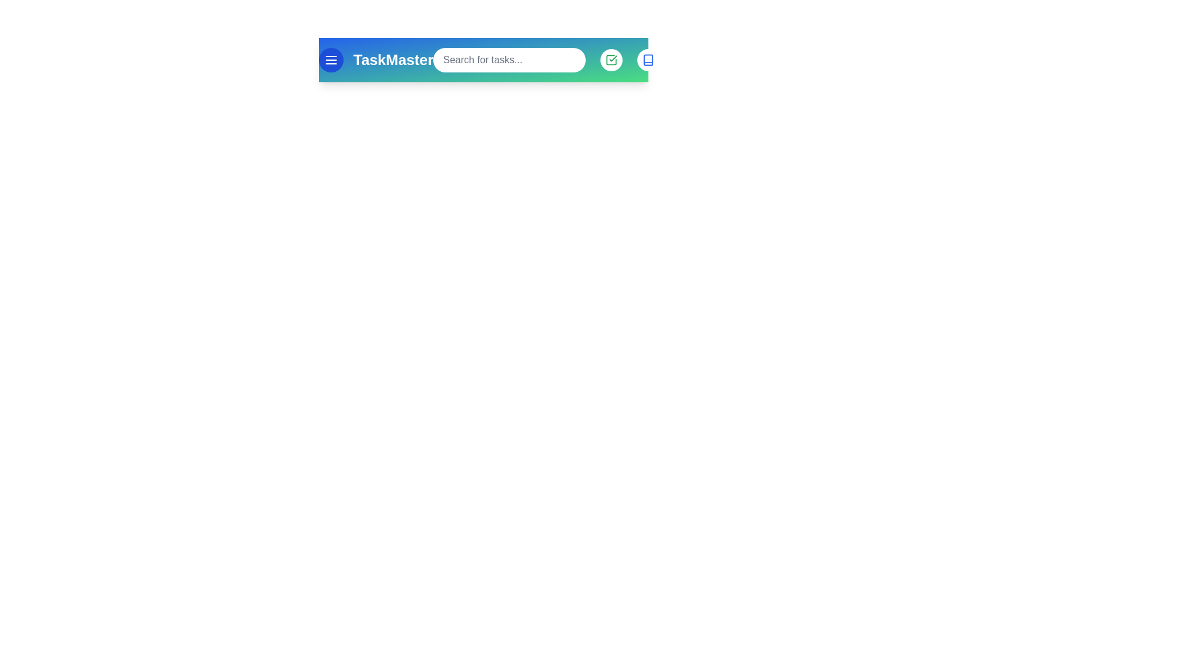 This screenshot has height=663, width=1180. I want to click on the task completion button to mark tasks as completed, so click(611, 60).